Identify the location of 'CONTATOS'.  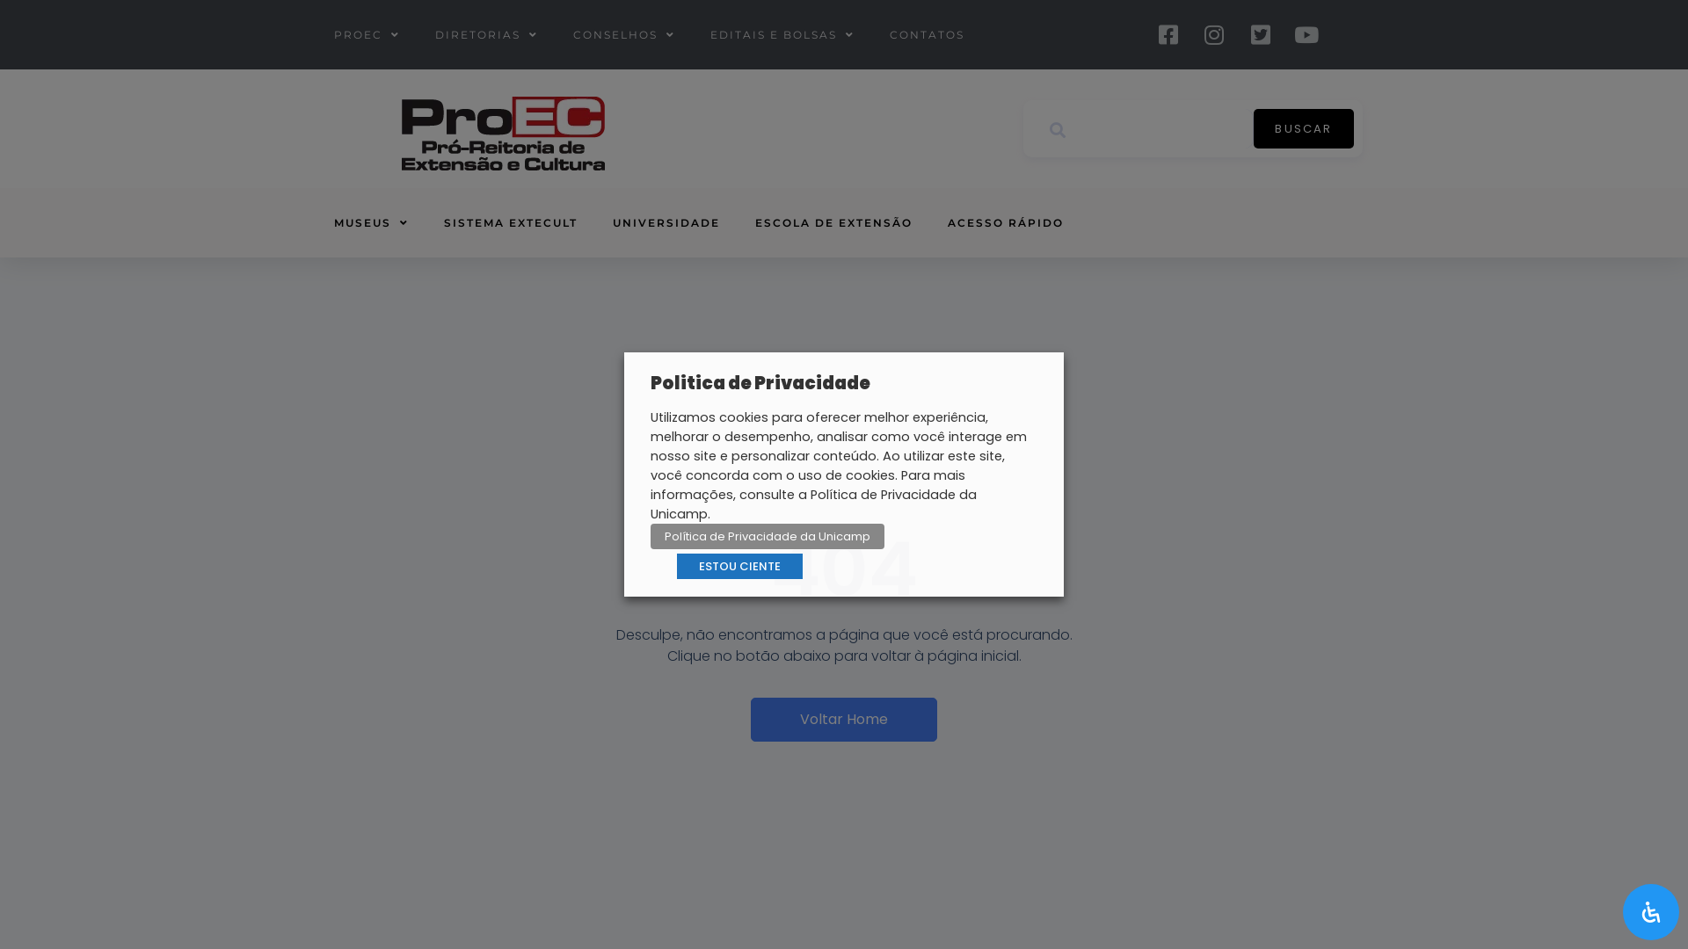
(926, 34).